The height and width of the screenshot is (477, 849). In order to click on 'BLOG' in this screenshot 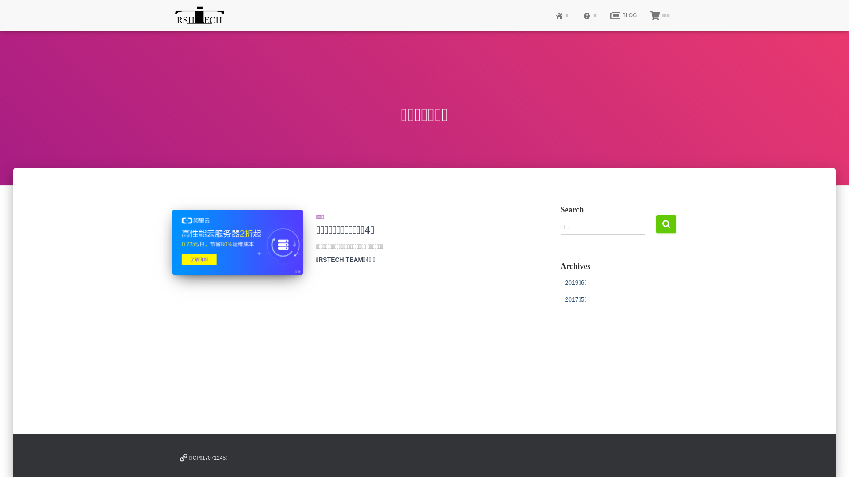, I will do `click(623, 15)`.